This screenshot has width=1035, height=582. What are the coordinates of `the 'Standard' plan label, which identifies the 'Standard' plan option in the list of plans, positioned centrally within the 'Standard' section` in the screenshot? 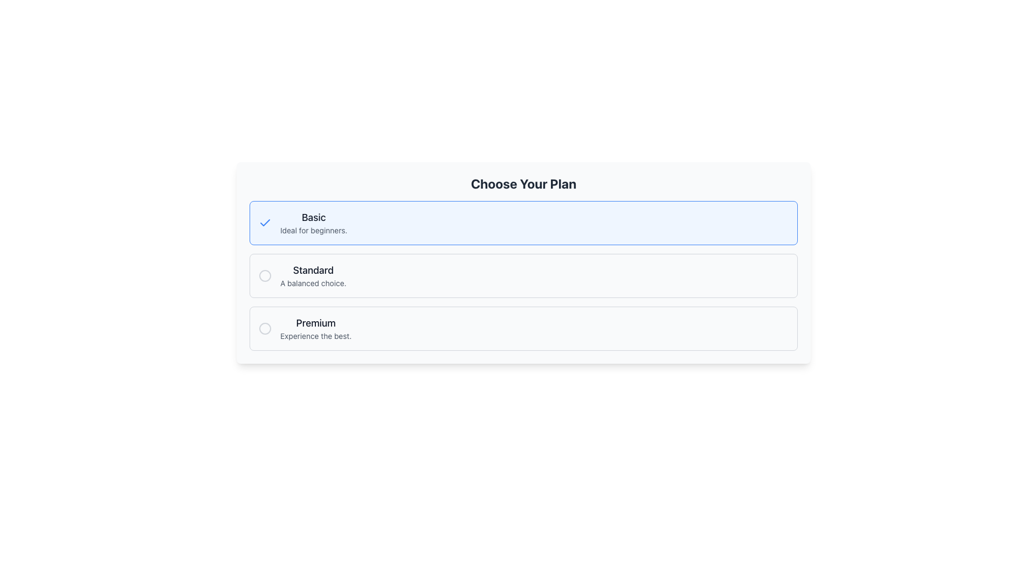 It's located at (313, 269).